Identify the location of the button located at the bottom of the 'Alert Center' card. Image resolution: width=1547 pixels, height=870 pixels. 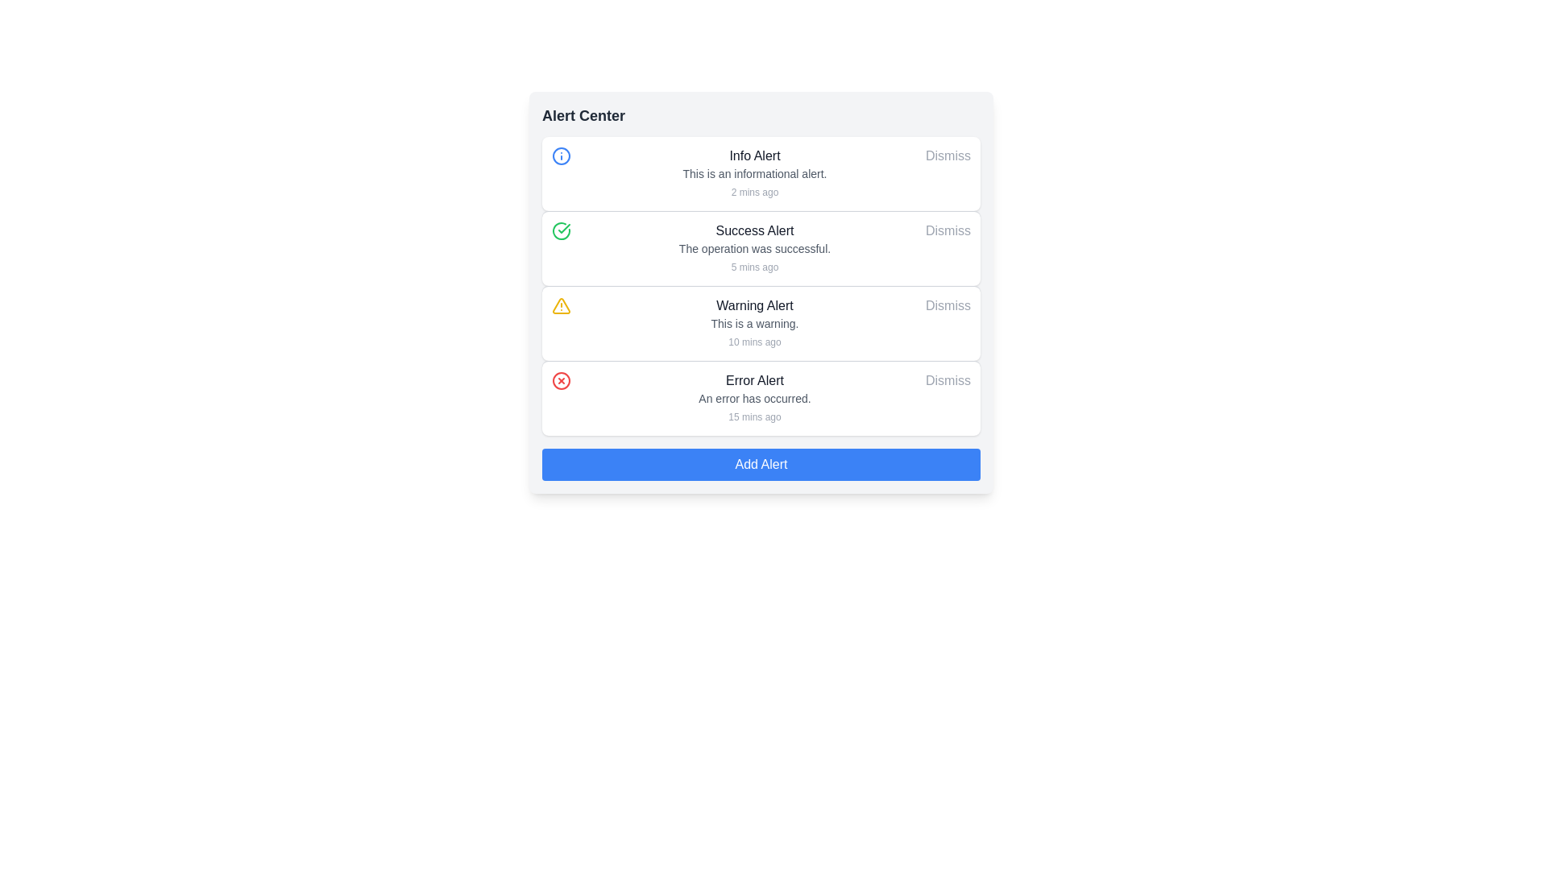
(761, 465).